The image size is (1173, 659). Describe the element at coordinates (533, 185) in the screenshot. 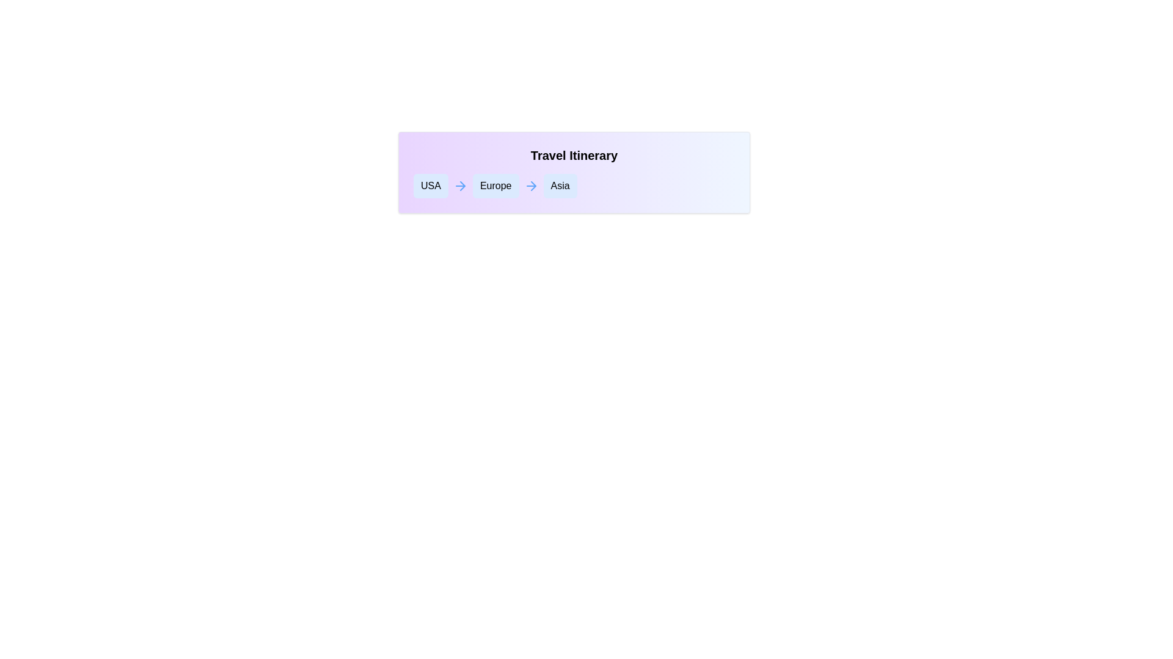

I see `arrow icon that visually indicates the directional flow from 'USA' to 'Europe' in the Travel Itinerary section` at that location.